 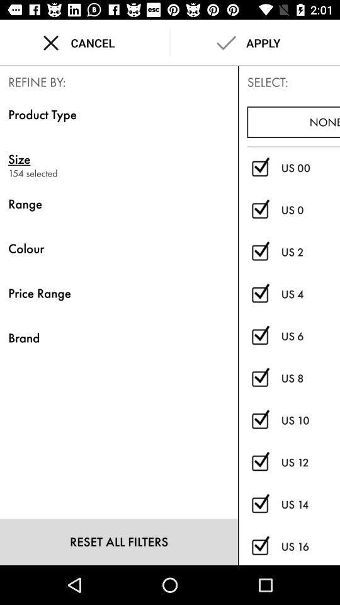 What do you see at coordinates (259, 462) in the screenshot?
I see `size to include` at bounding box center [259, 462].